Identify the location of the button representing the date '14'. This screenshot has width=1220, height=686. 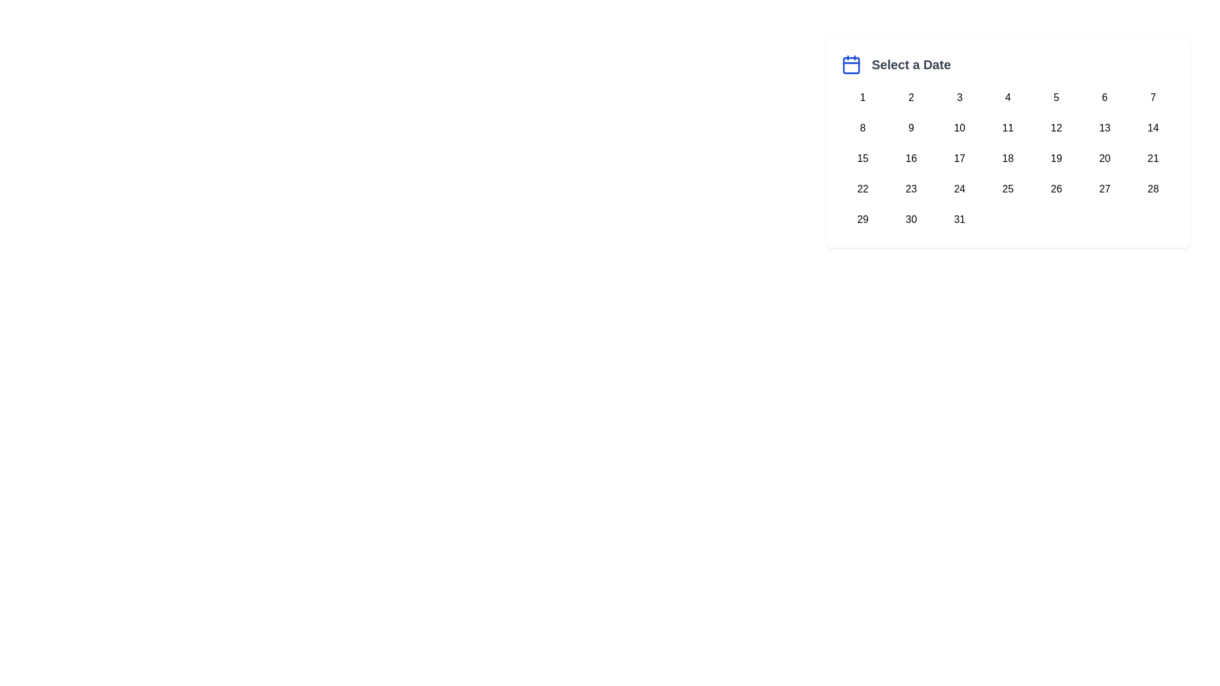
(1153, 128).